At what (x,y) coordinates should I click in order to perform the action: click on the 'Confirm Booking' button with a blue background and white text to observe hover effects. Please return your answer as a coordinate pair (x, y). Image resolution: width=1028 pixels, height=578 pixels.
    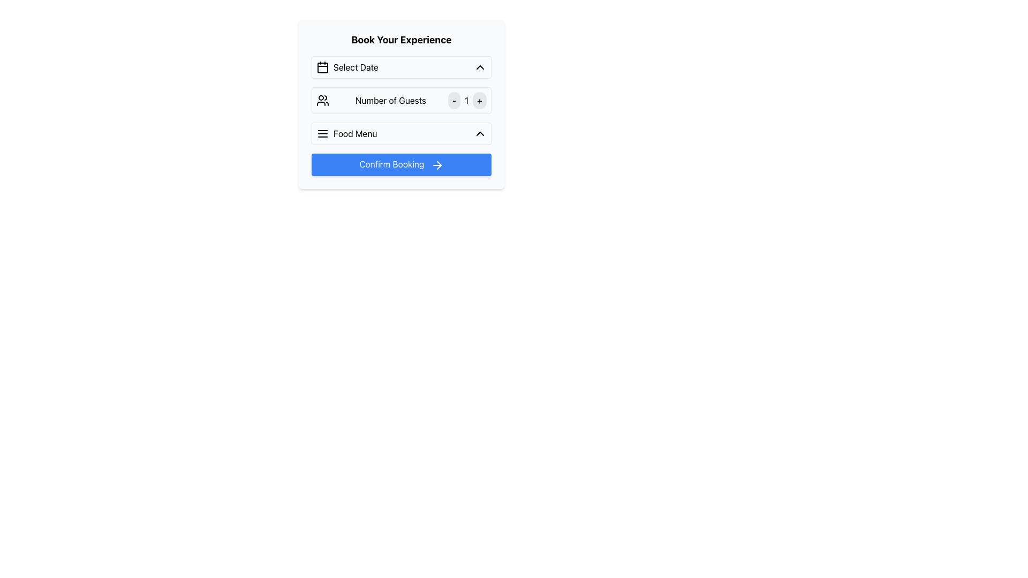
    Looking at the image, I should click on (400, 164).